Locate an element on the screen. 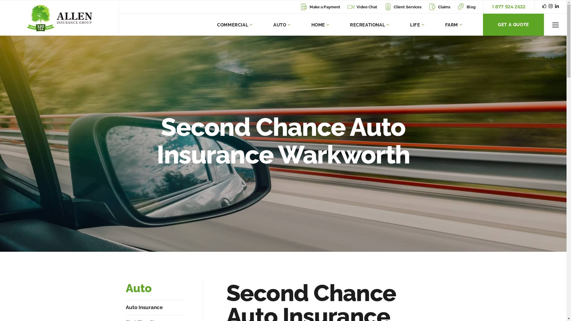  'HOME' is located at coordinates (320, 24).